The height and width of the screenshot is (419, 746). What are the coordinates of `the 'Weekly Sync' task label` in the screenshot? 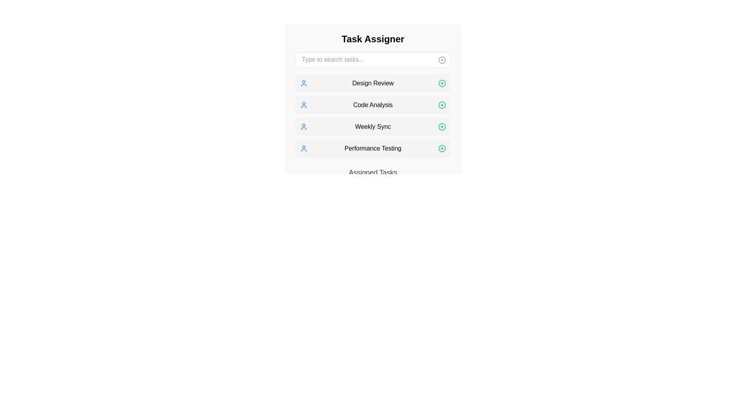 It's located at (373, 126).